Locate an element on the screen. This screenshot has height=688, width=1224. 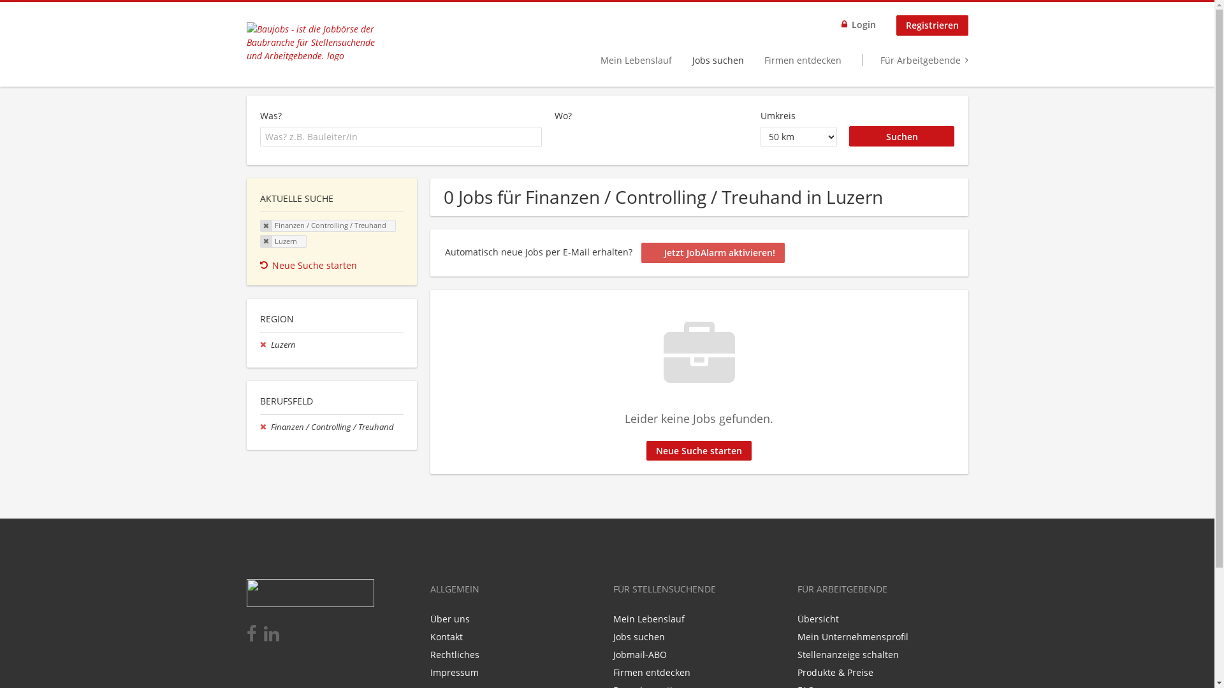
'Mein Lebenslauf' is located at coordinates (599, 59).